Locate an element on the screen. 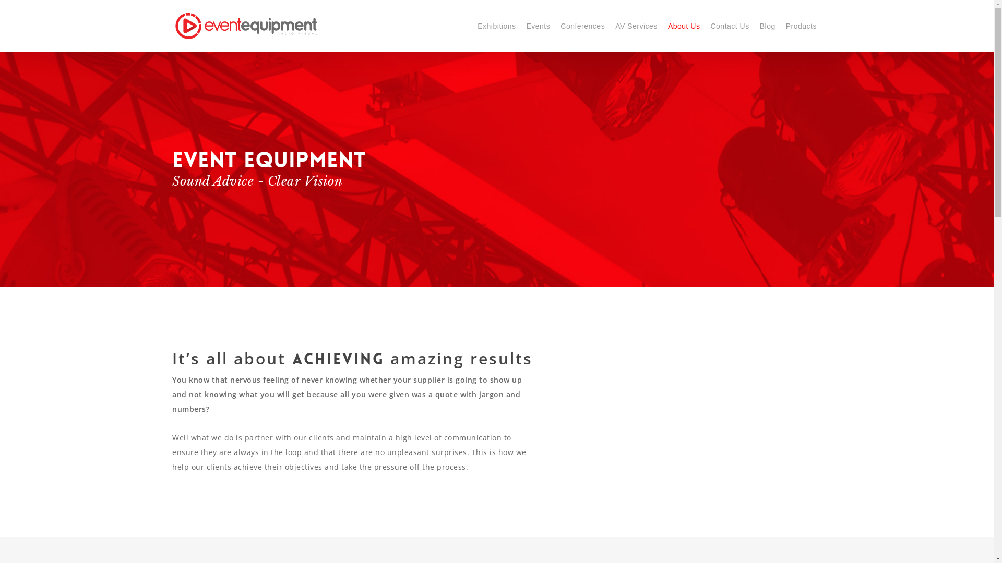 This screenshot has height=563, width=1002. 'About Us' is located at coordinates (662, 26).